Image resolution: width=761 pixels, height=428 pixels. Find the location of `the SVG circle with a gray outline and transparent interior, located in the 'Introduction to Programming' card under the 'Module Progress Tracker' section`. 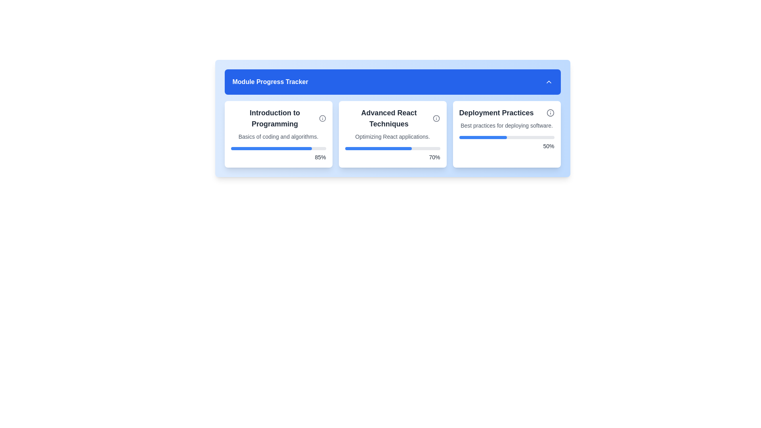

the SVG circle with a gray outline and transparent interior, located in the 'Introduction to Programming' card under the 'Module Progress Tracker' section is located at coordinates (322, 118).